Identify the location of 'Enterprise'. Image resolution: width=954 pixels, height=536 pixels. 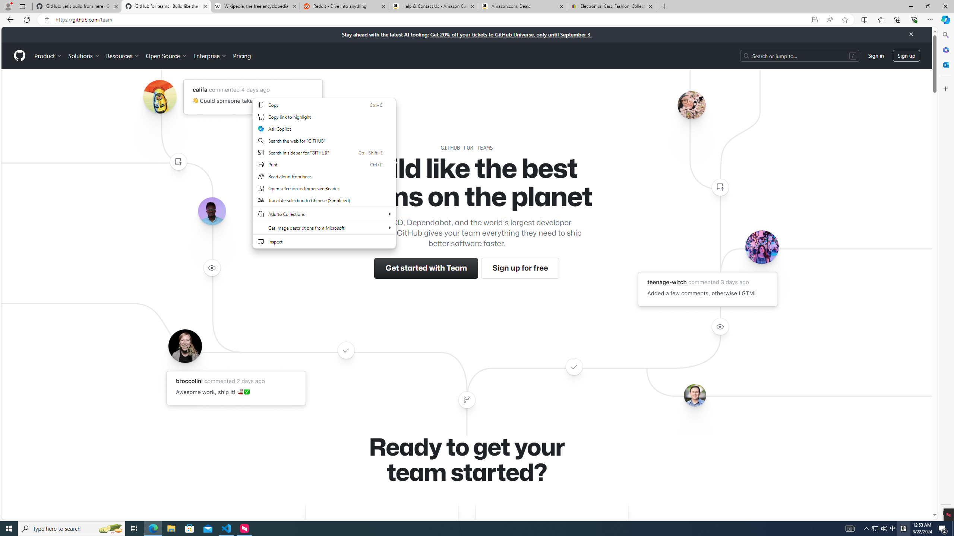
(209, 55).